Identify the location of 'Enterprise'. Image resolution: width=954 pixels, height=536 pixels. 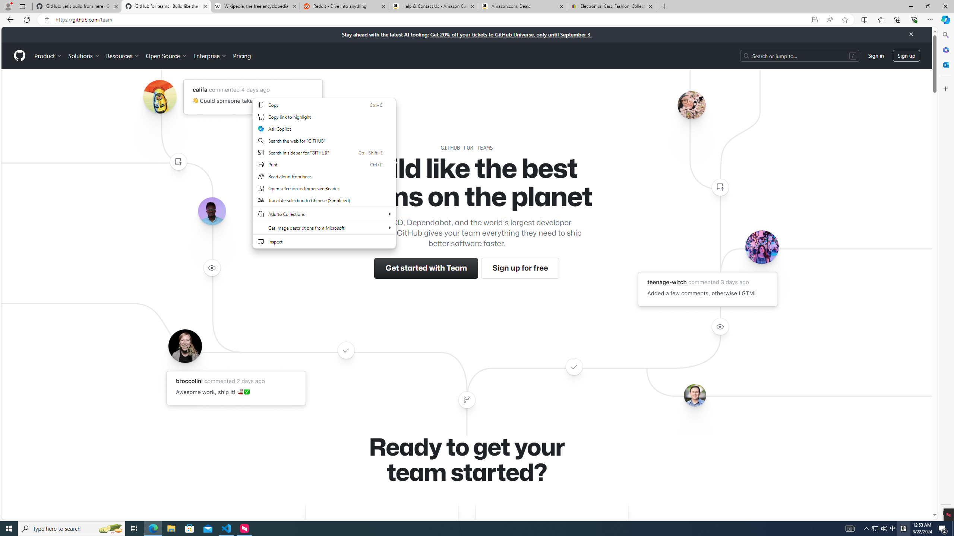
(209, 55).